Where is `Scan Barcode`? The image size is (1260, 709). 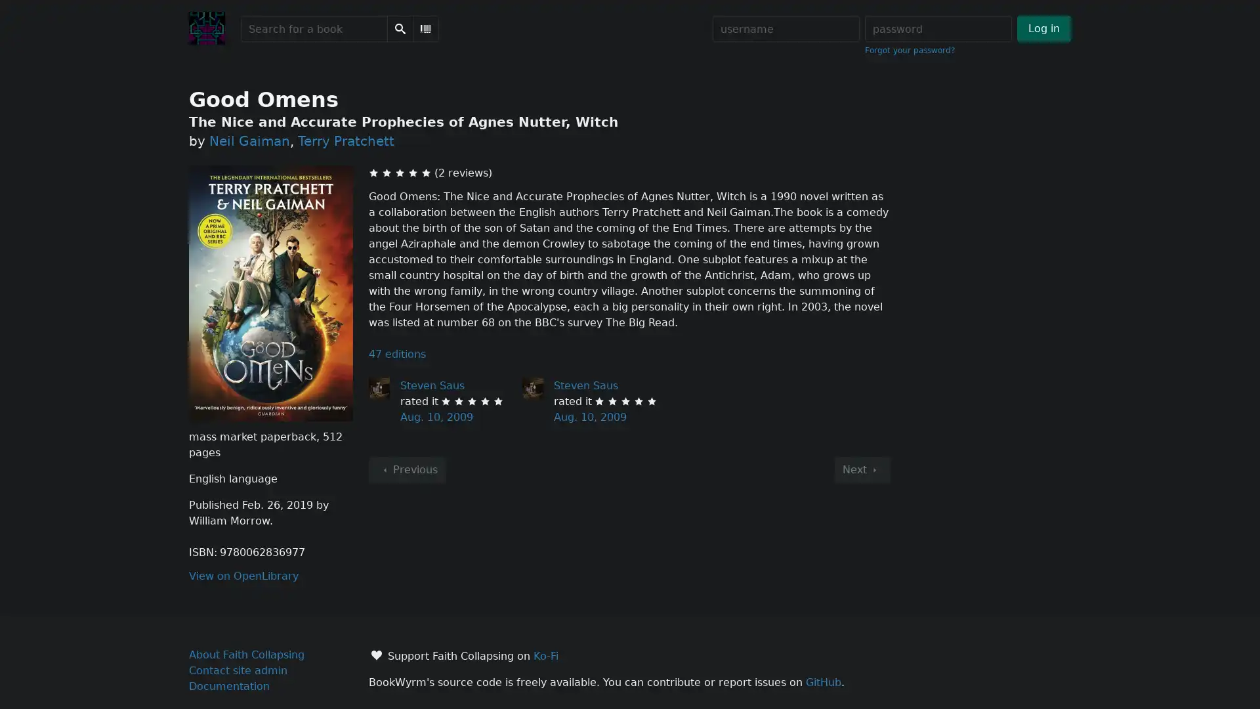 Scan Barcode is located at coordinates (425, 28).